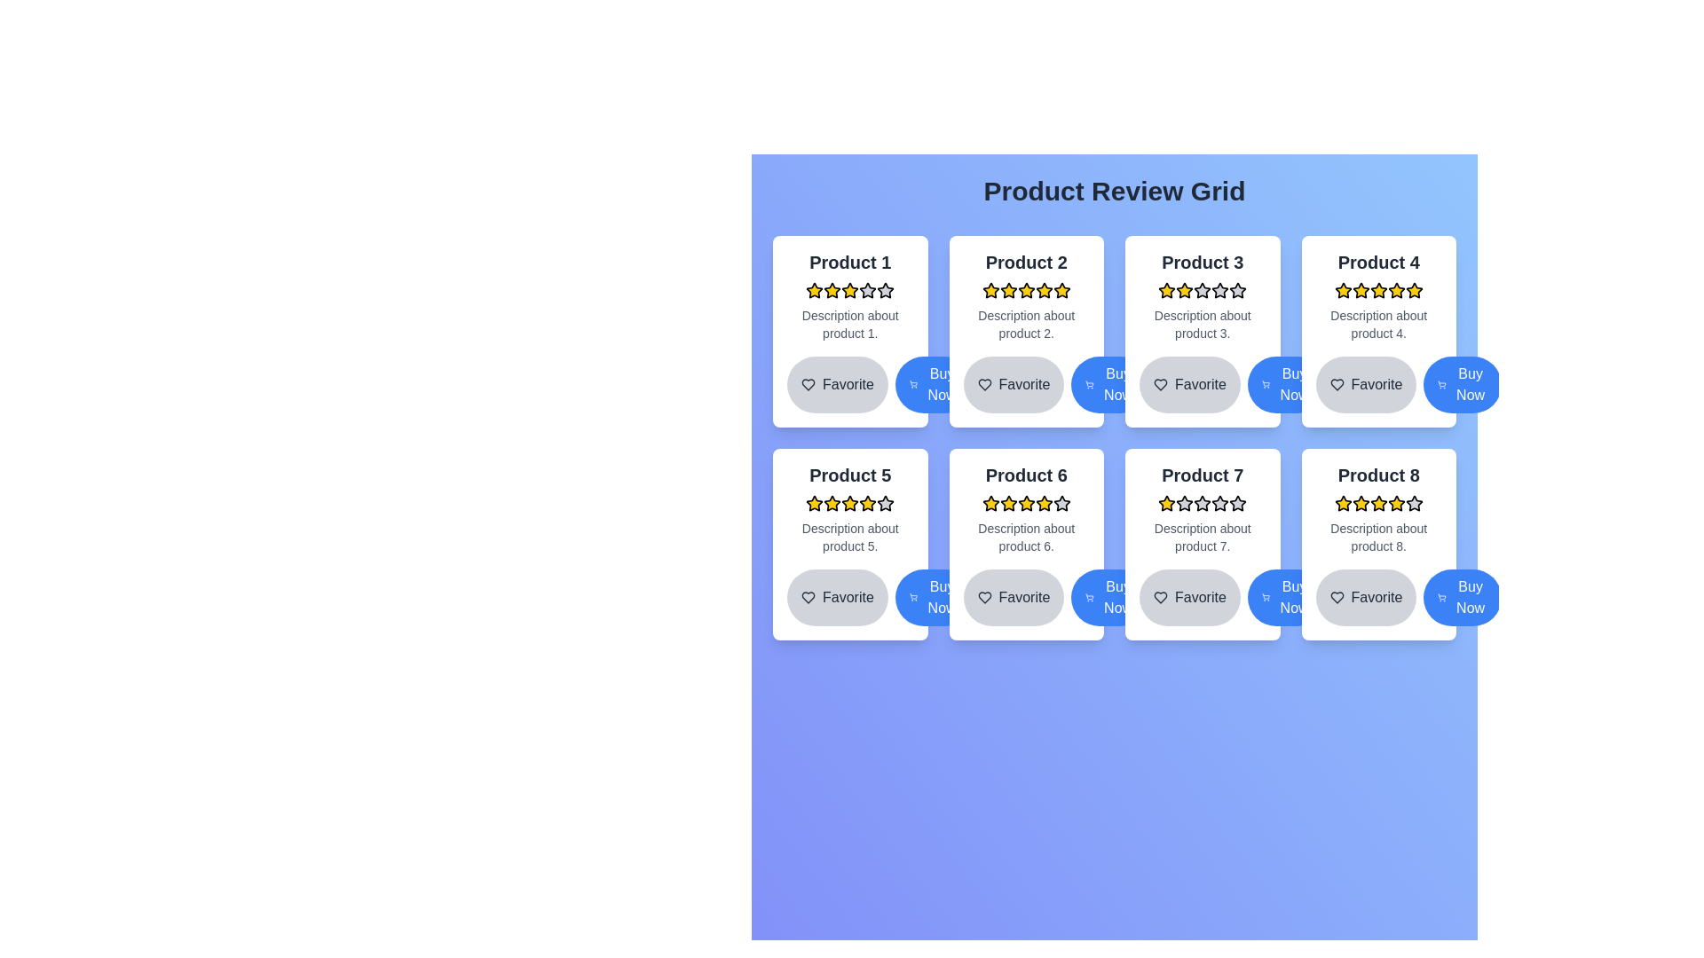  I want to click on the favorite icon located inside the 'Favorite' button for 'Product 6', which serves as a visual cue for marking the product as a favorite, so click(983, 598).